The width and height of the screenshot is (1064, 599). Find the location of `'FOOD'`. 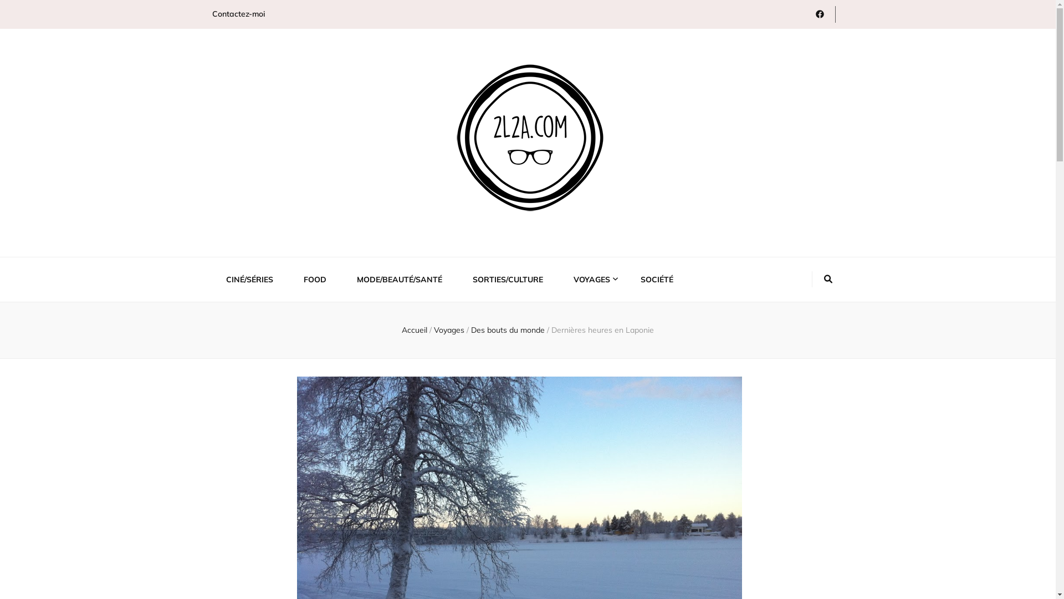

'FOOD' is located at coordinates (303, 279).